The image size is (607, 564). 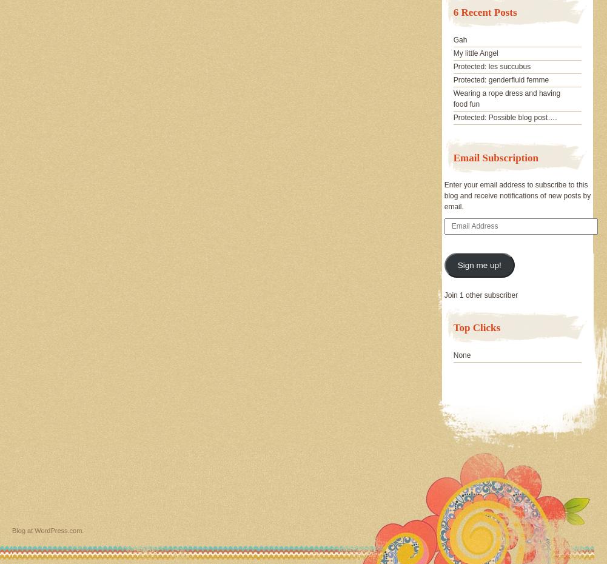 I want to click on 'Protected: Possible blog post….', so click(x=504, y=116).